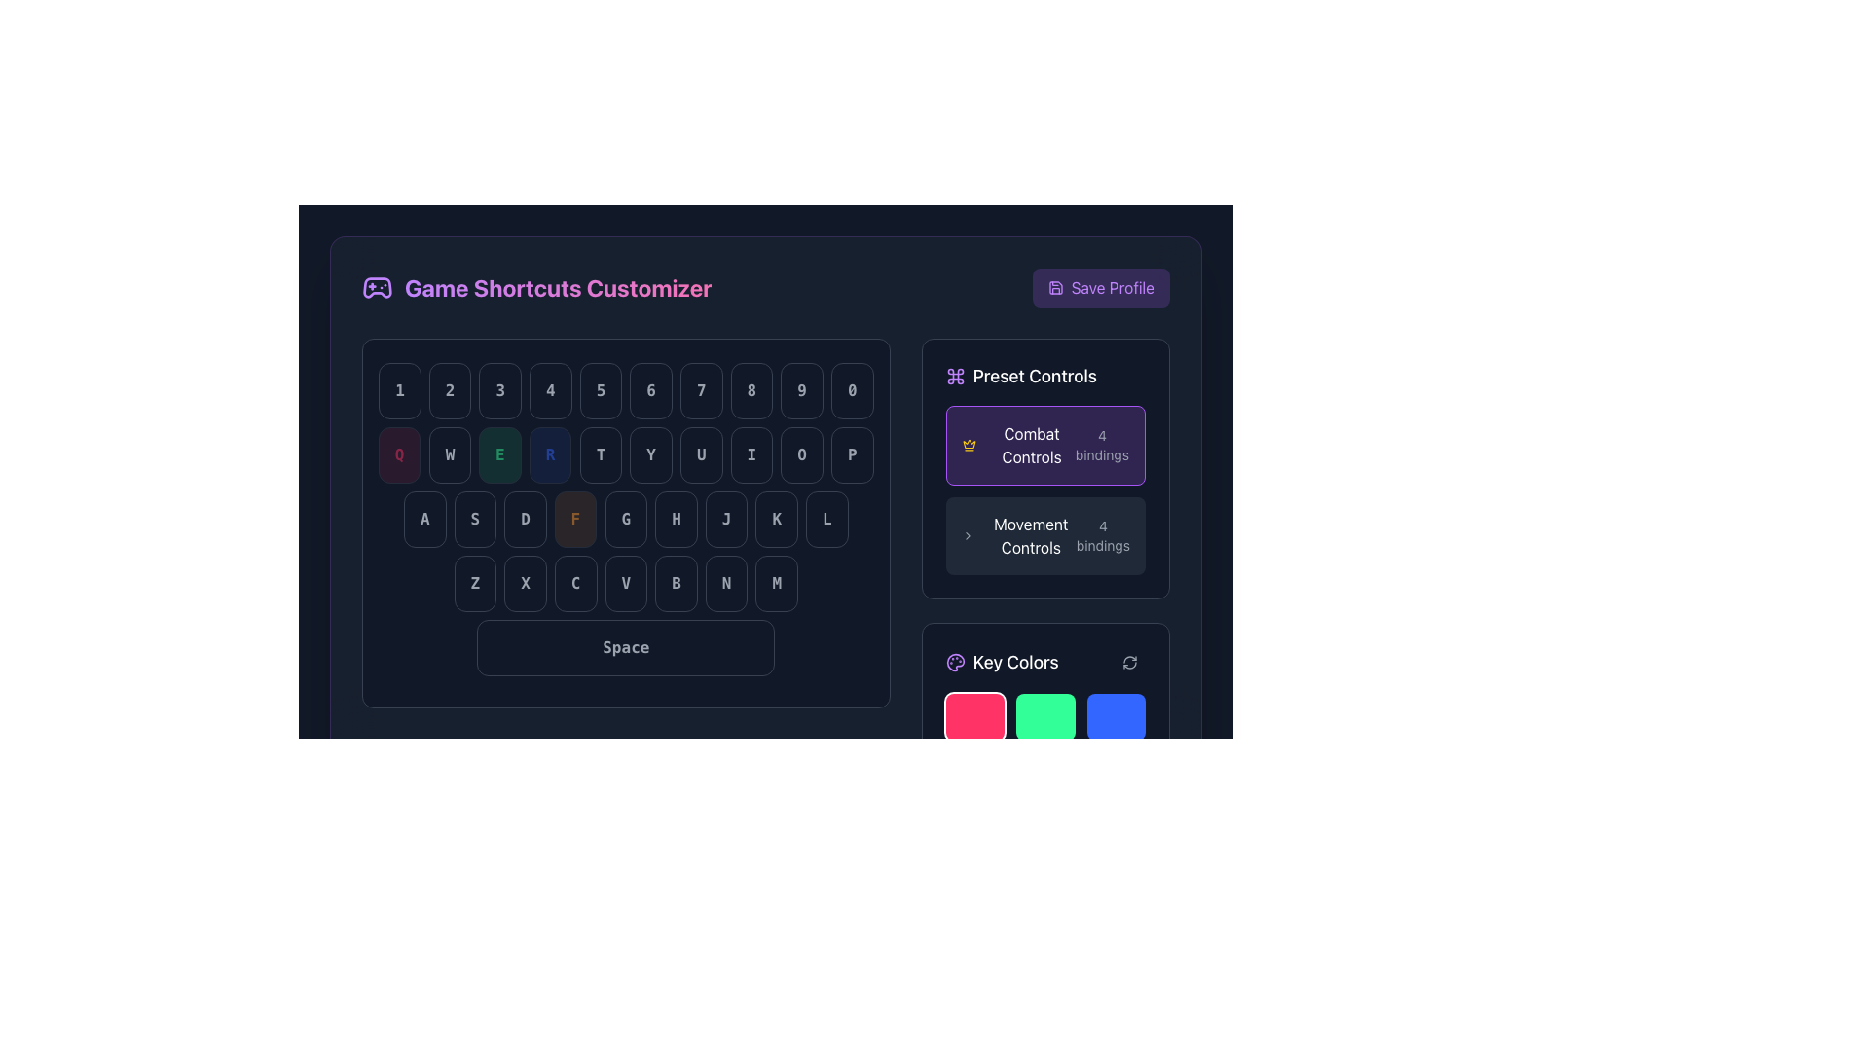 This screenshot has height=1051, width=1869. Describe the element at coordinates (1017, 536) in the screenshot. I see `the 'Movement Controls' label element, which features bold white text on a dark background with a right-chevron icon, located in the 'Preset Controls' section` at that location.